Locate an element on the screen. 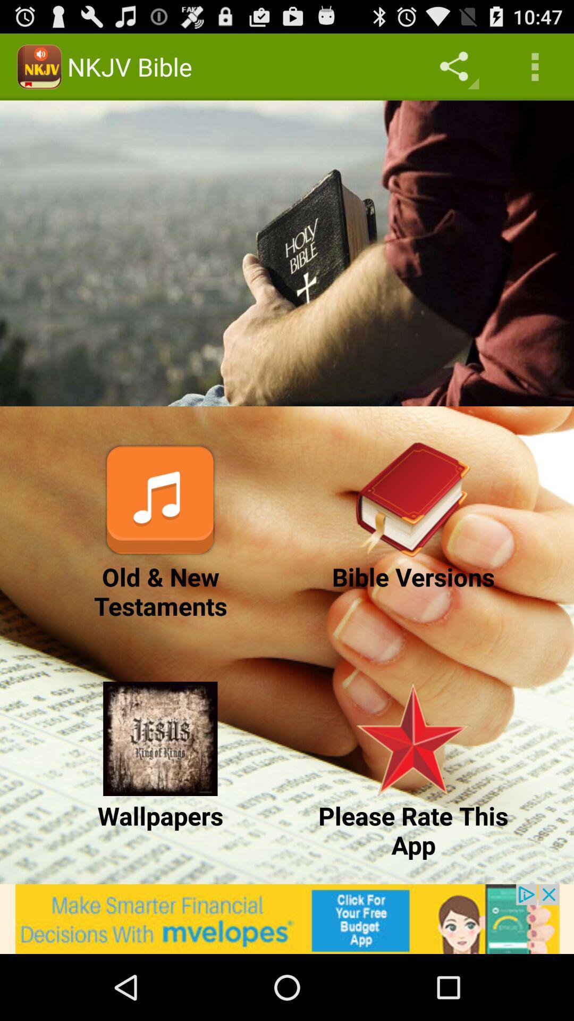 Image resolution: width=574 pixels, height=1021 pixels. advertisement is located at coordinates (287, 918).